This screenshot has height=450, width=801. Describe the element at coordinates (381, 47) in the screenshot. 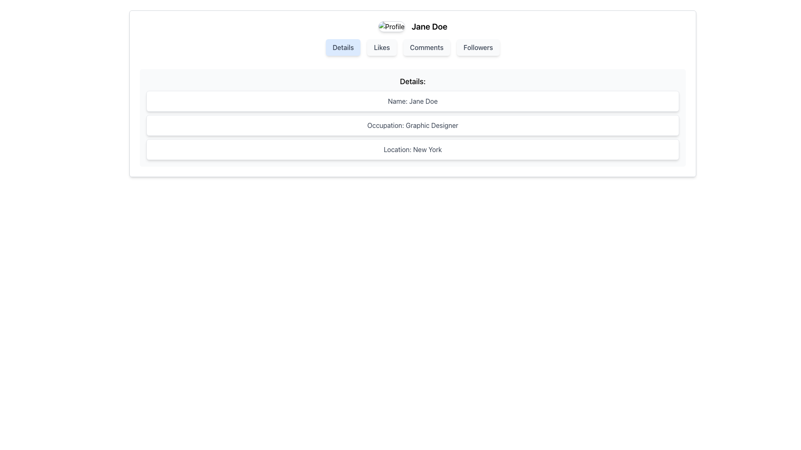

I see `the 'Likes' button located as the second button from the left in a horizontal series of four buttons` at that location.